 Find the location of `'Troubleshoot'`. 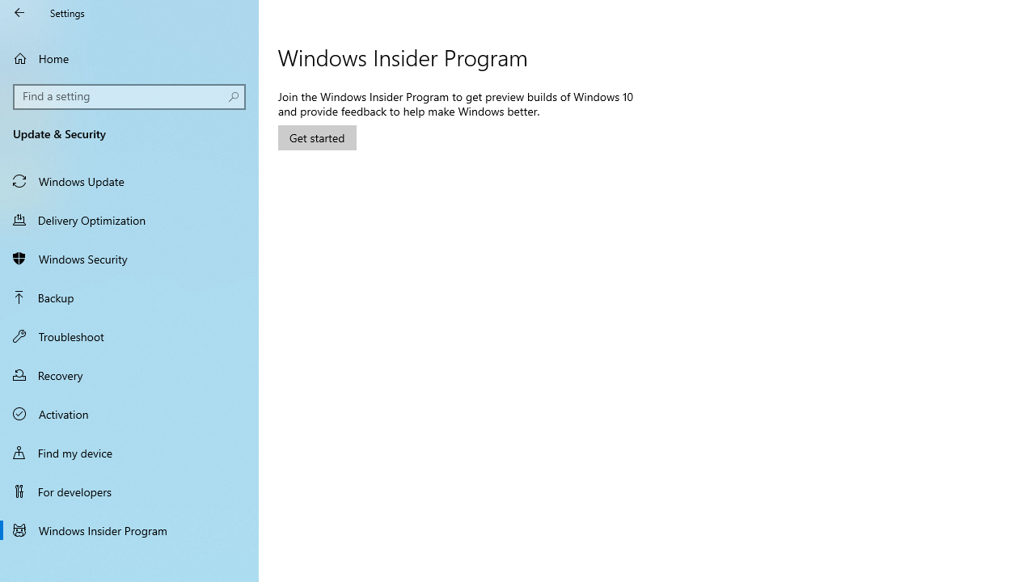

'Troubleshoot' is located at coordinates (129, 335).